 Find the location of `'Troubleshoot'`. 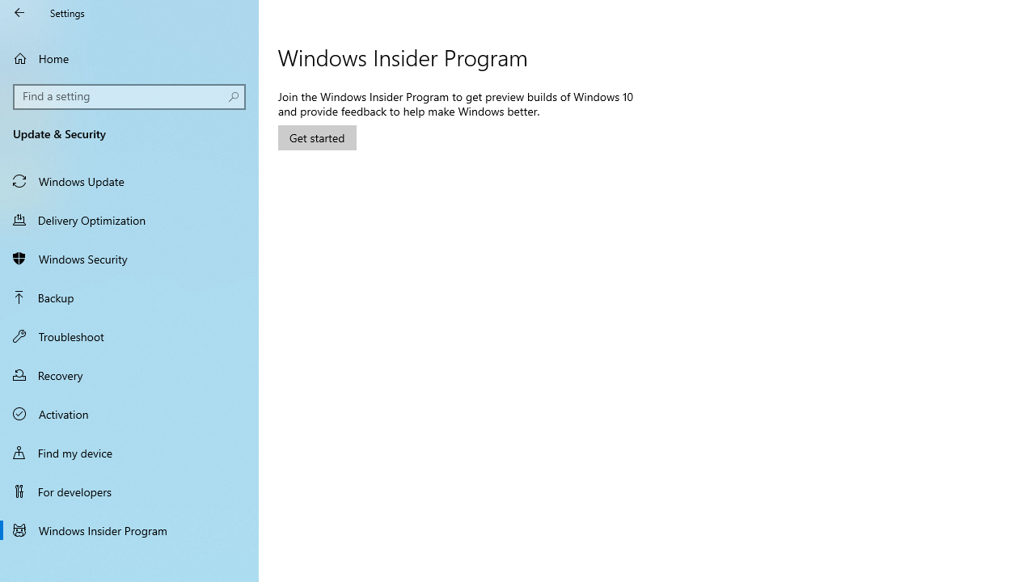

'Troubleshoot' is located at coordinates (129, 335).